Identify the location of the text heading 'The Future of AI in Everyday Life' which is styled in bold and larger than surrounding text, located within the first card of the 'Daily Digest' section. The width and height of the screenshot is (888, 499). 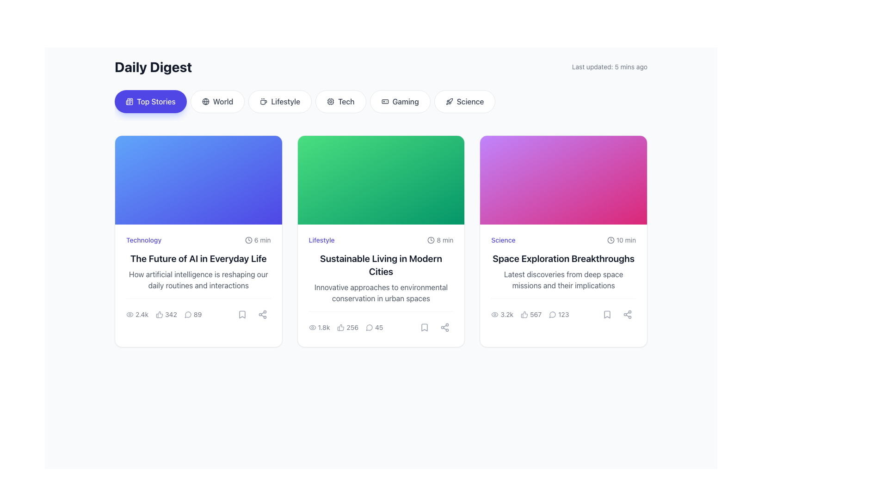
(198, 258).